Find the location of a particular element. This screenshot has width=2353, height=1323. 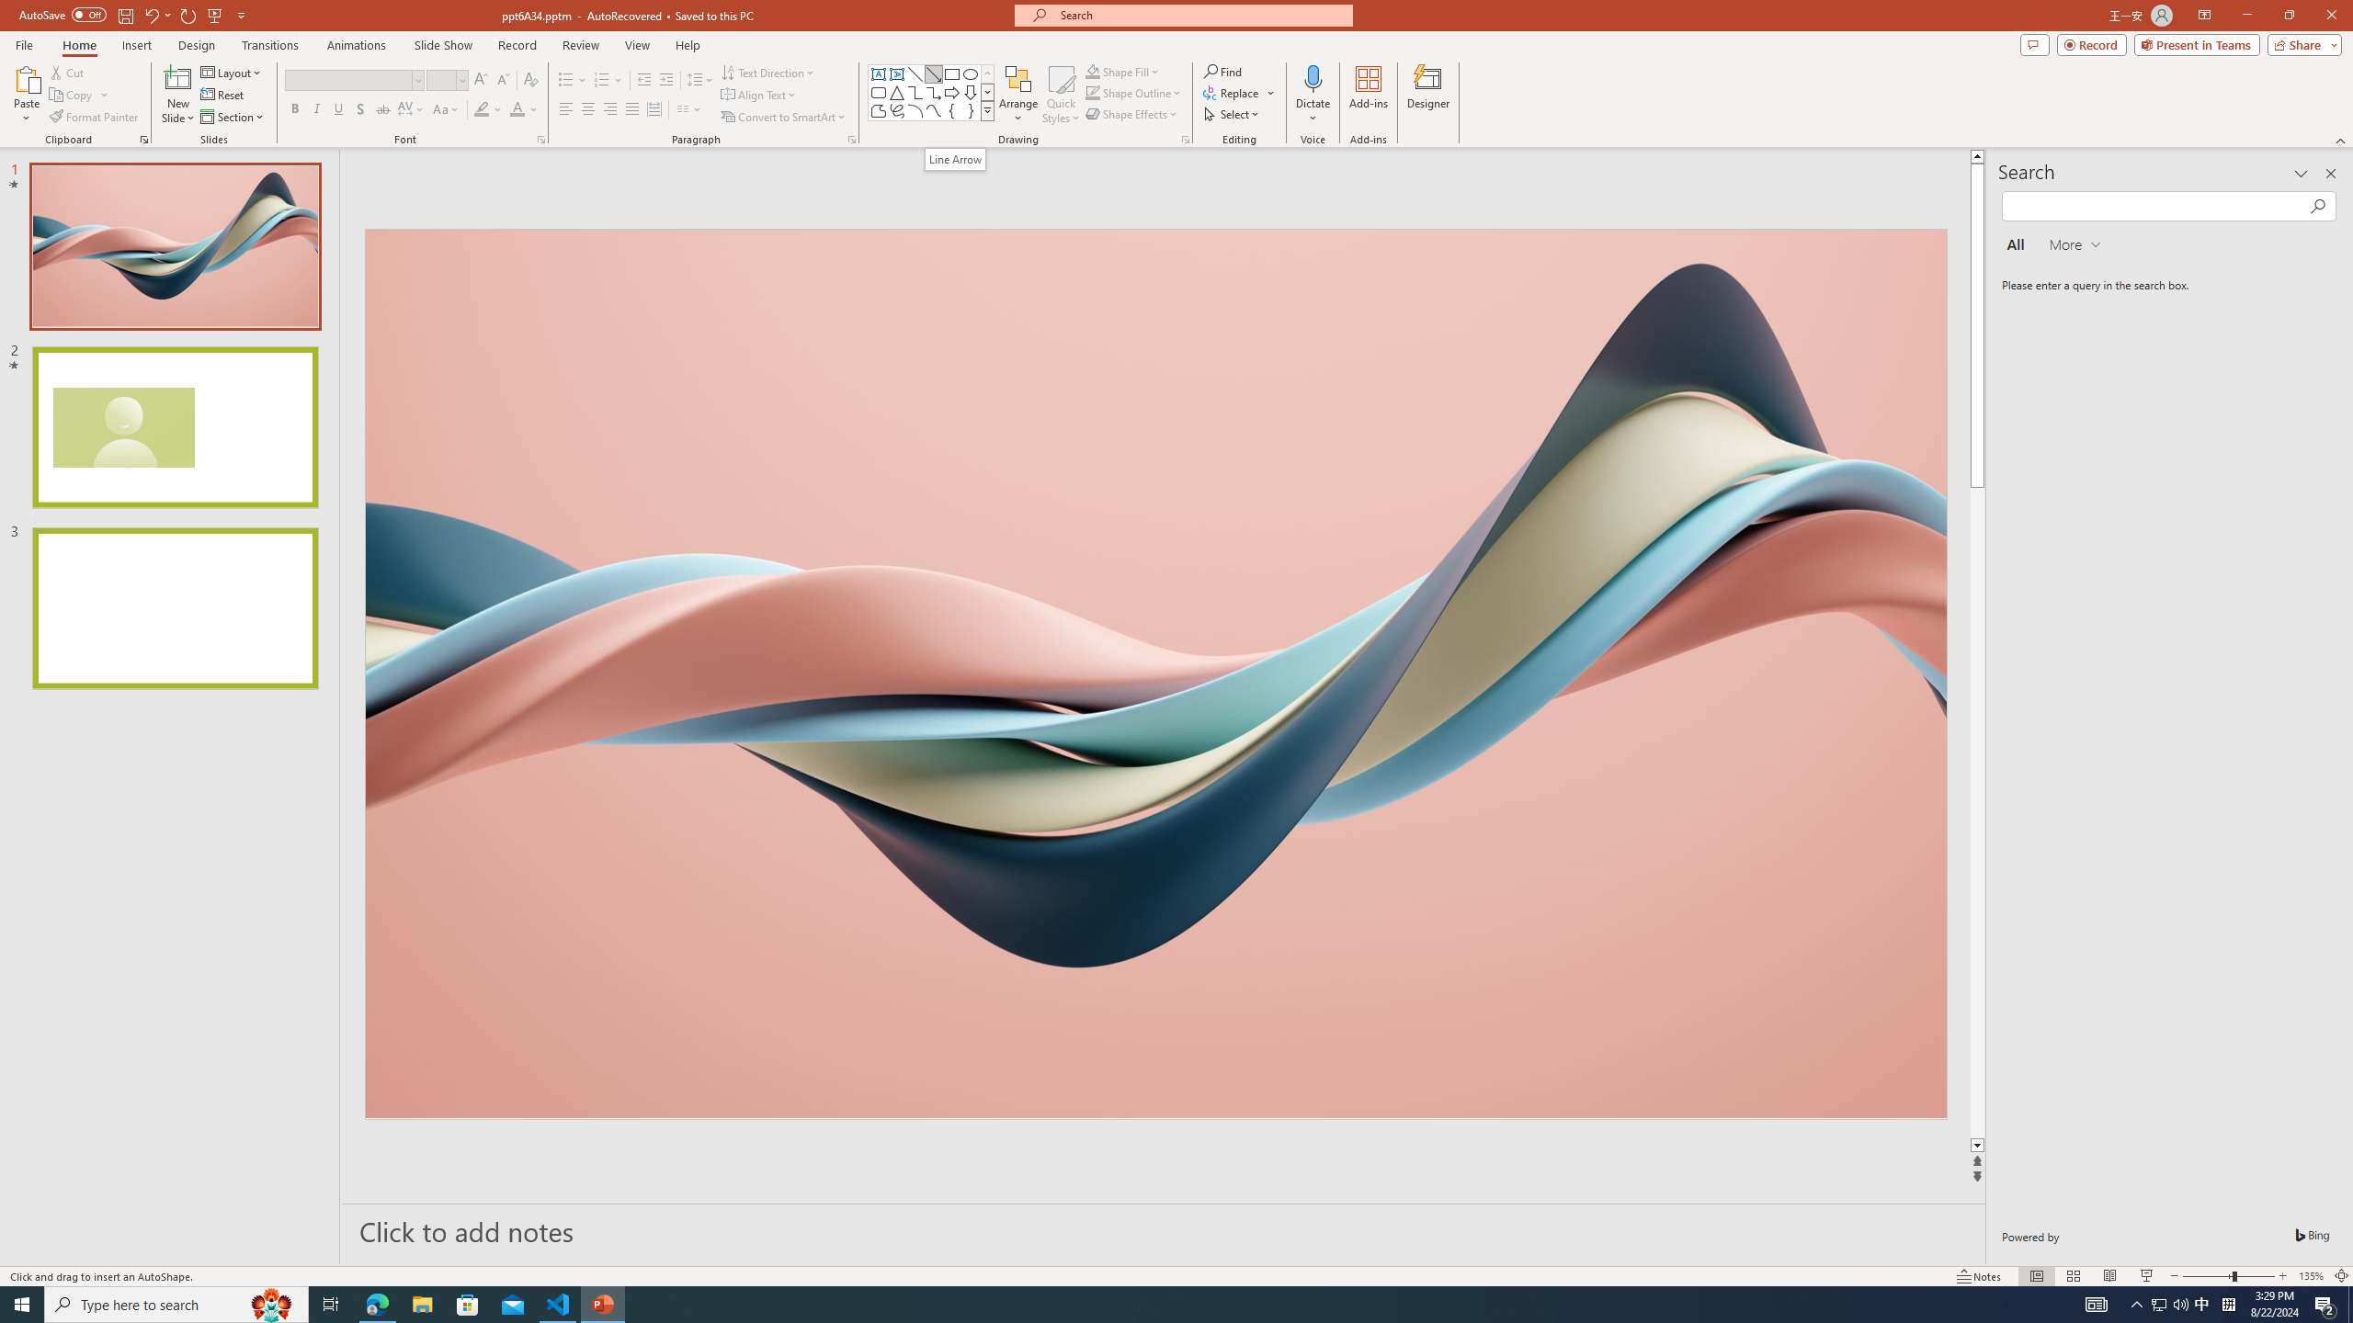

'Shadow' is located at coordinates (359, 108).